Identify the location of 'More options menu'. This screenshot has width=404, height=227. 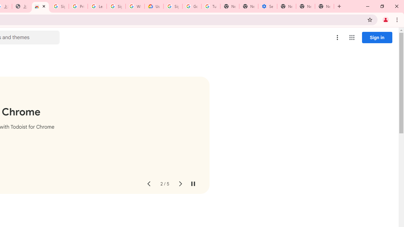
(337, 38).